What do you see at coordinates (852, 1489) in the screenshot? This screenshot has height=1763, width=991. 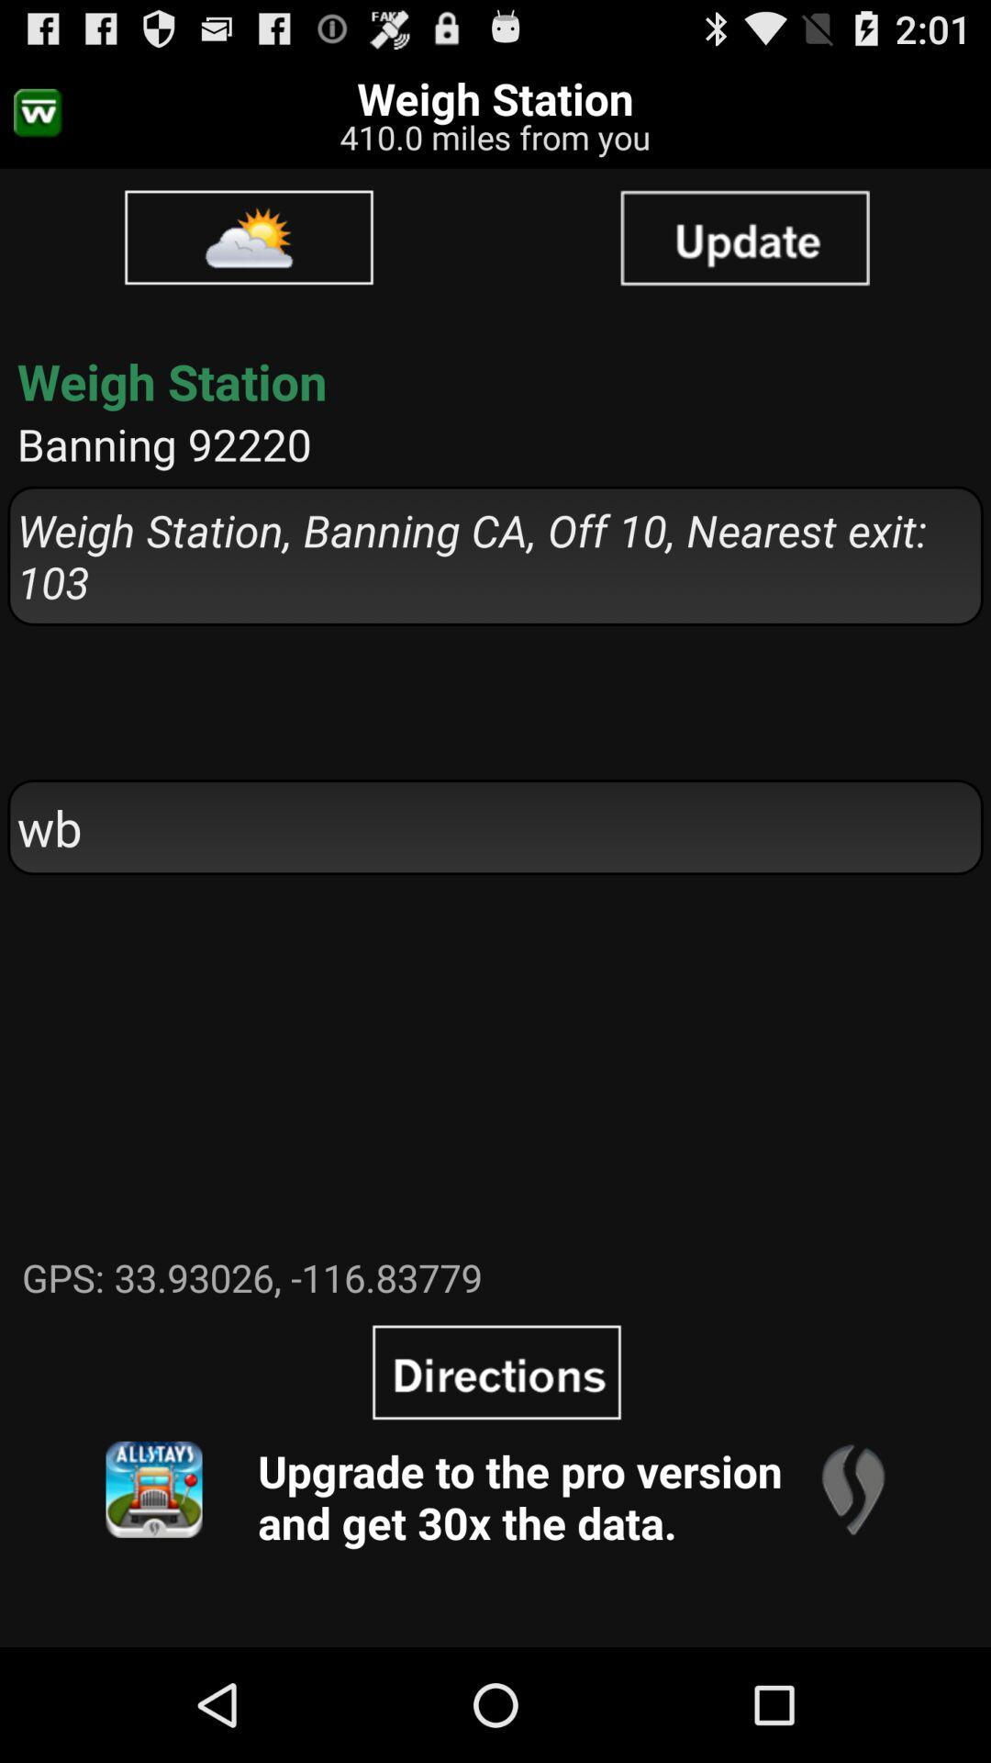 I see `the app below the gps 33 93026` at bounding box center [852, 1489].